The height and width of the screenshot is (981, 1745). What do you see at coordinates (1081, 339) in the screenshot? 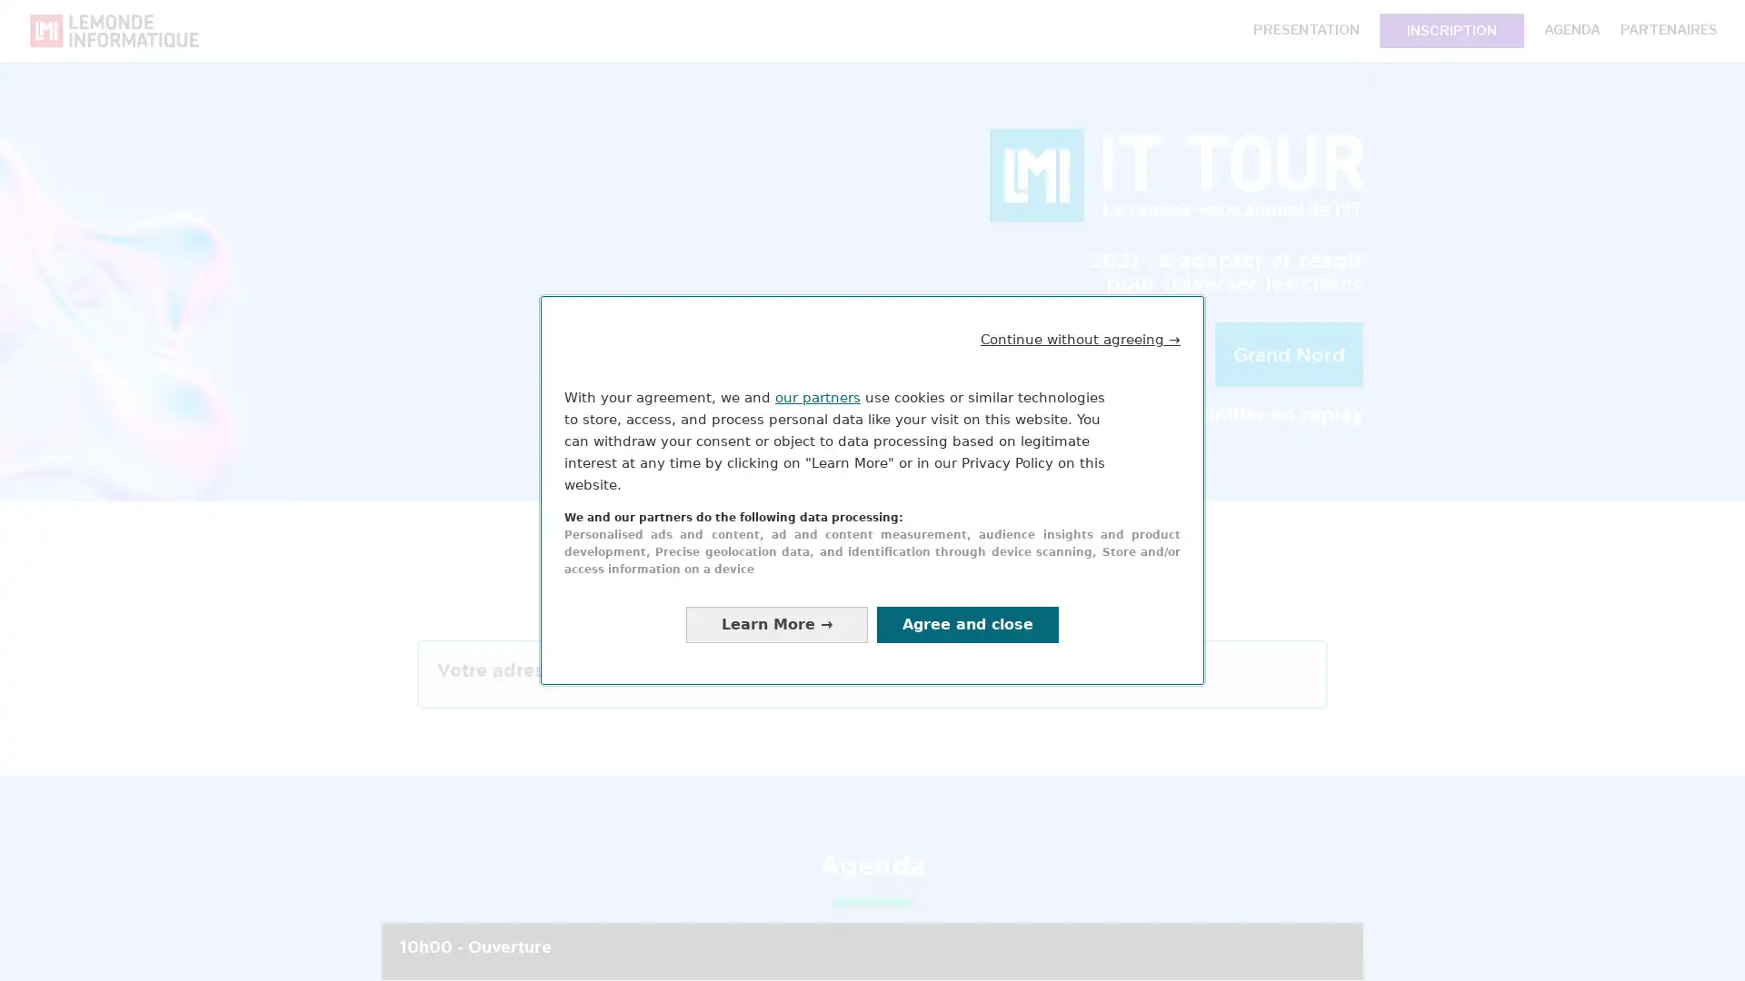
I see `Continue without agreeing` at bounding box center [1081, 339].